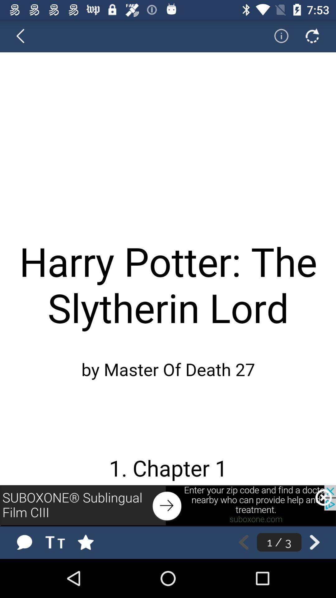 The image size is (336, 598). What do you see at coordinates (277, 36) in the screenshot?
I see `the info icon` at bounding box center [277, 36].